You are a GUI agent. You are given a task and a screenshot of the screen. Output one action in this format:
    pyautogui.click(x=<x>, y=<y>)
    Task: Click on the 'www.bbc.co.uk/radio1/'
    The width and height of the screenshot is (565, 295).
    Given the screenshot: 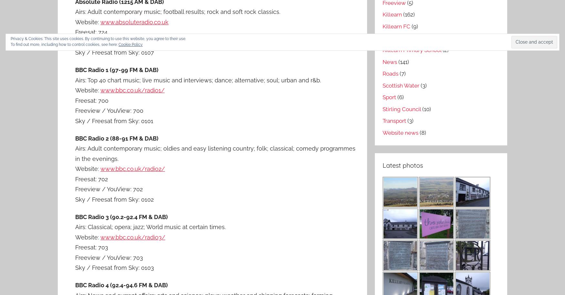 What is the action you would take?
    pyautogui.click(x=132, y=90)
    